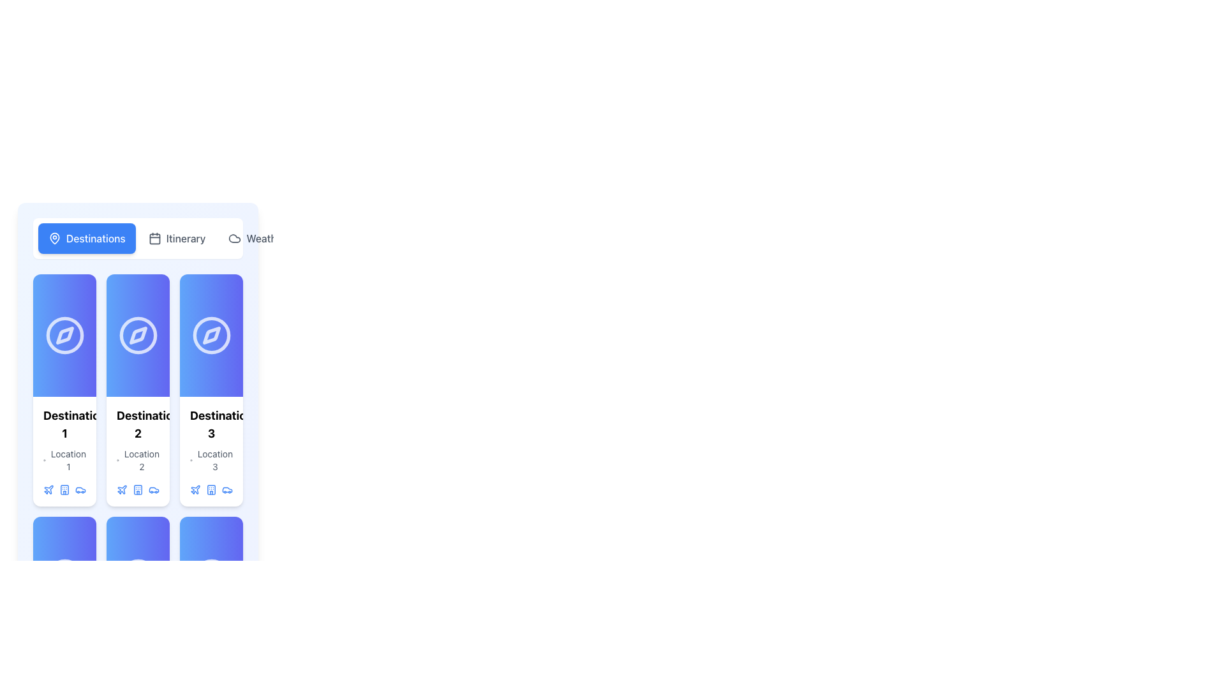 The width and height of the screenshot is (1225, 689). I want to click on the map pin icon SVG graphic located in the upper region of the interface, part of the destination tab, specifically near the left side of the horizontal navigation bar, so click(54, 238).